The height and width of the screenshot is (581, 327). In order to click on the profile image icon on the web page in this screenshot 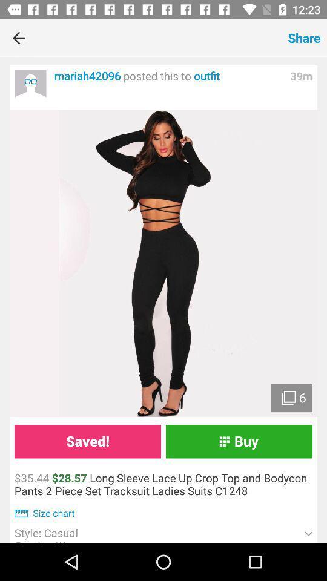, I will do `click(30, 85)`.